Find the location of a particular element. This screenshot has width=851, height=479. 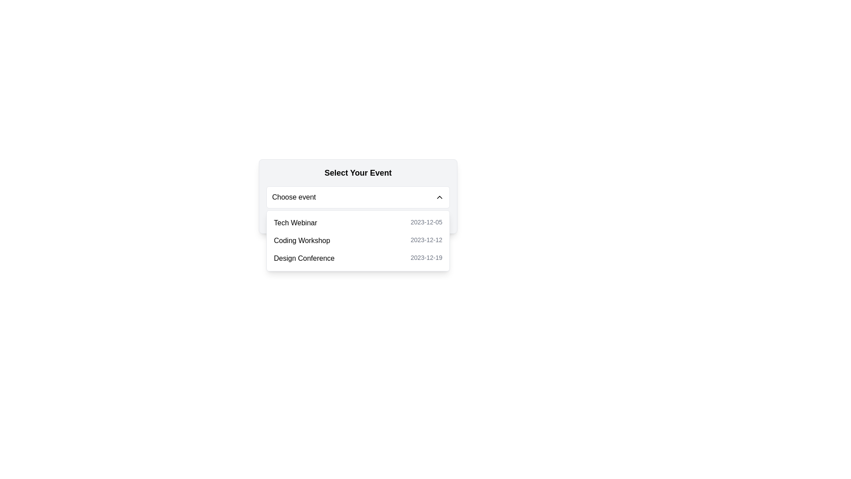

the downward-facing chevron icon located to the right of the 'Choose event' label is located at coordinates (440, 196).